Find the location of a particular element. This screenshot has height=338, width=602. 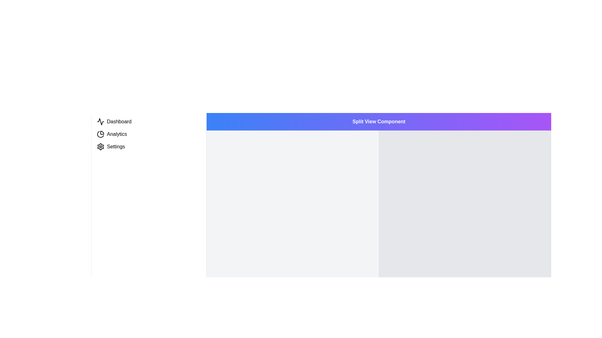

the 'Analytics' option in the Navigation menu is located at coordinates (149, 134).